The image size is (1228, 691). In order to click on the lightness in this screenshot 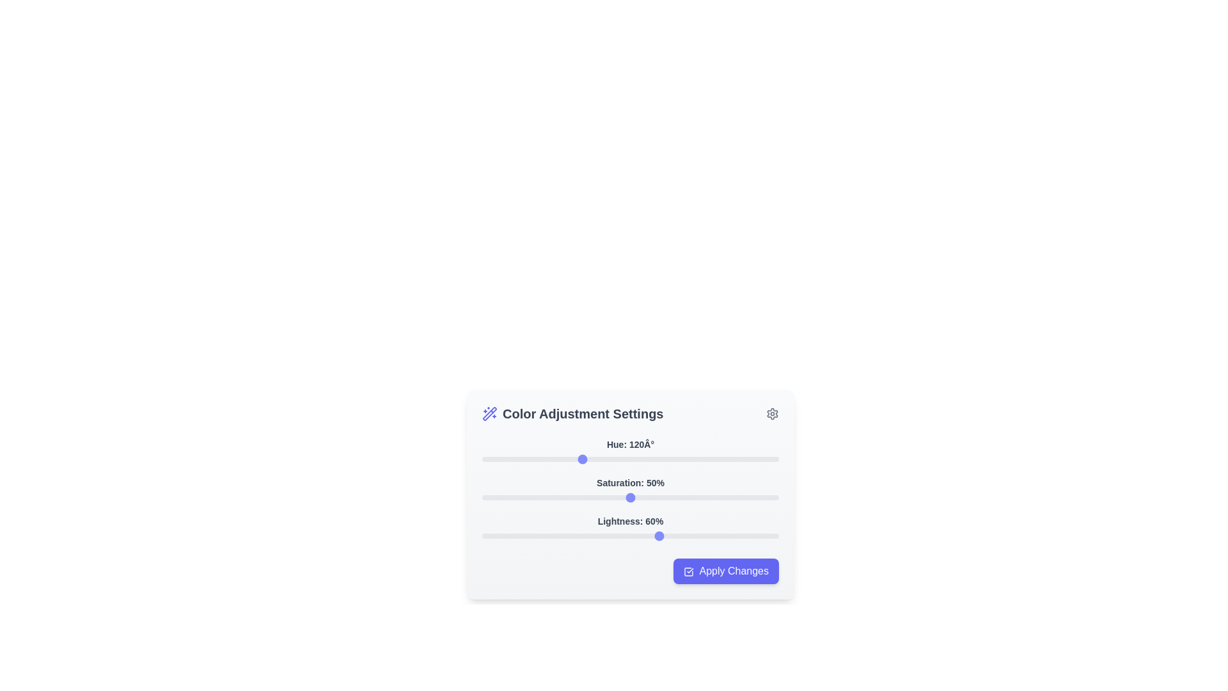, I will do `click(573, 536)`.